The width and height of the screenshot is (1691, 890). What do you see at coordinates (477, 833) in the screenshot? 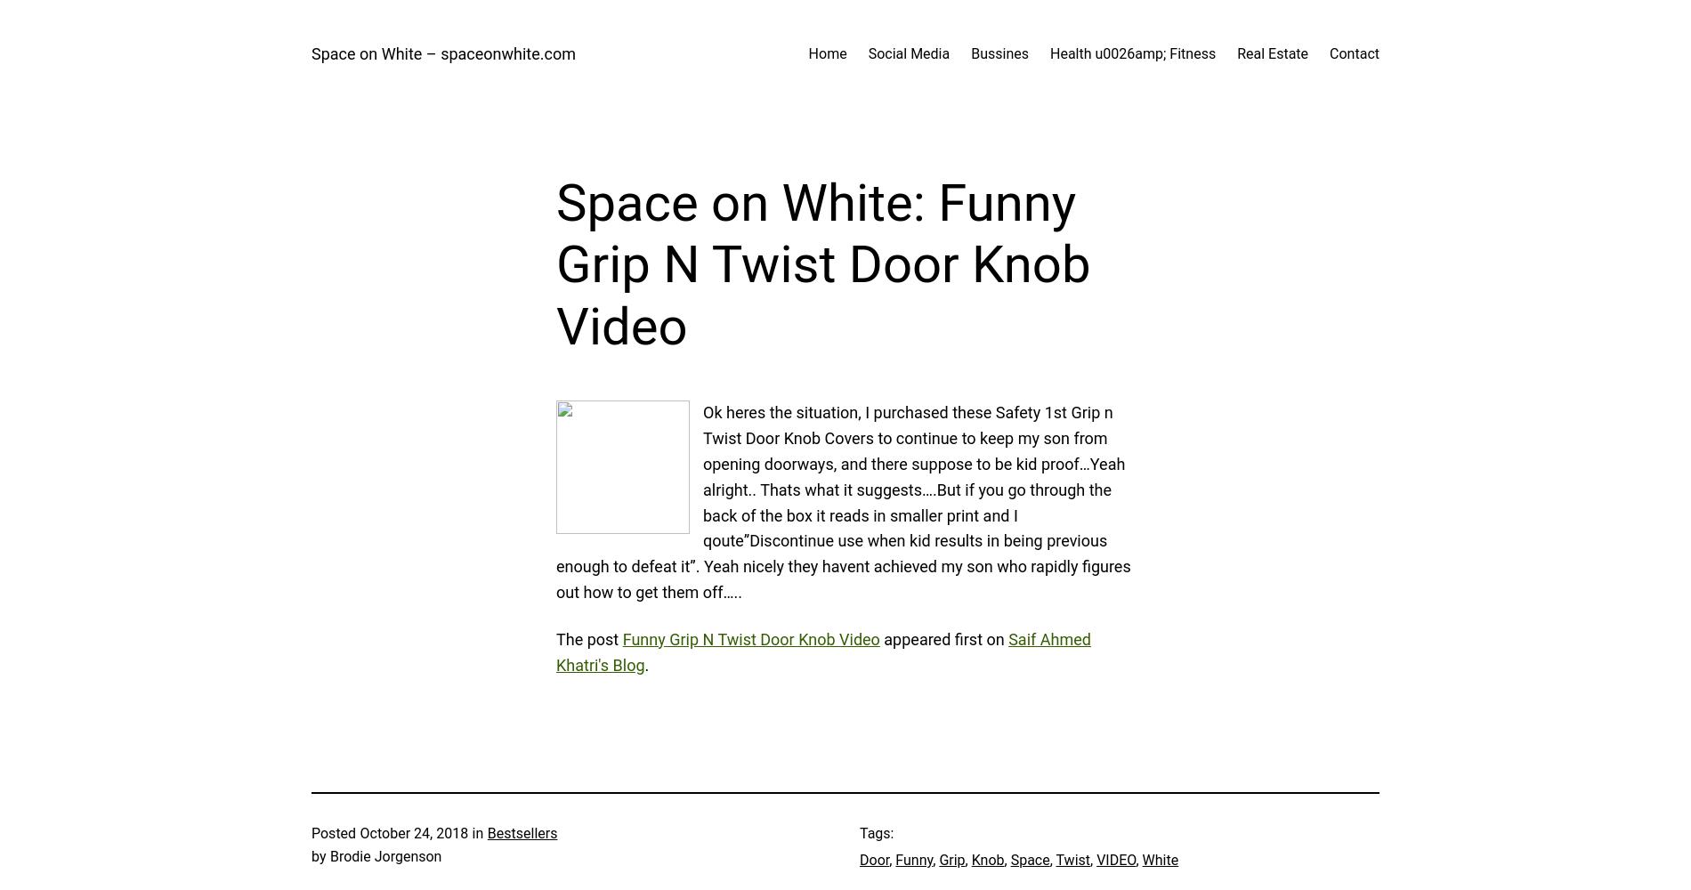
I see `'in'` at bounding box center [477, 833].